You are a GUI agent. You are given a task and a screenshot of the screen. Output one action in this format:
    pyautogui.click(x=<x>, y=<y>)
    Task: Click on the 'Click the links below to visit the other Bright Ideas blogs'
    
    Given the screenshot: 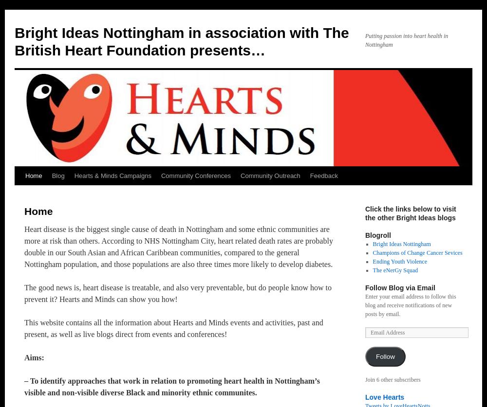 What is the action you would take?
    pyautogui.click(x=410, y=213)
    